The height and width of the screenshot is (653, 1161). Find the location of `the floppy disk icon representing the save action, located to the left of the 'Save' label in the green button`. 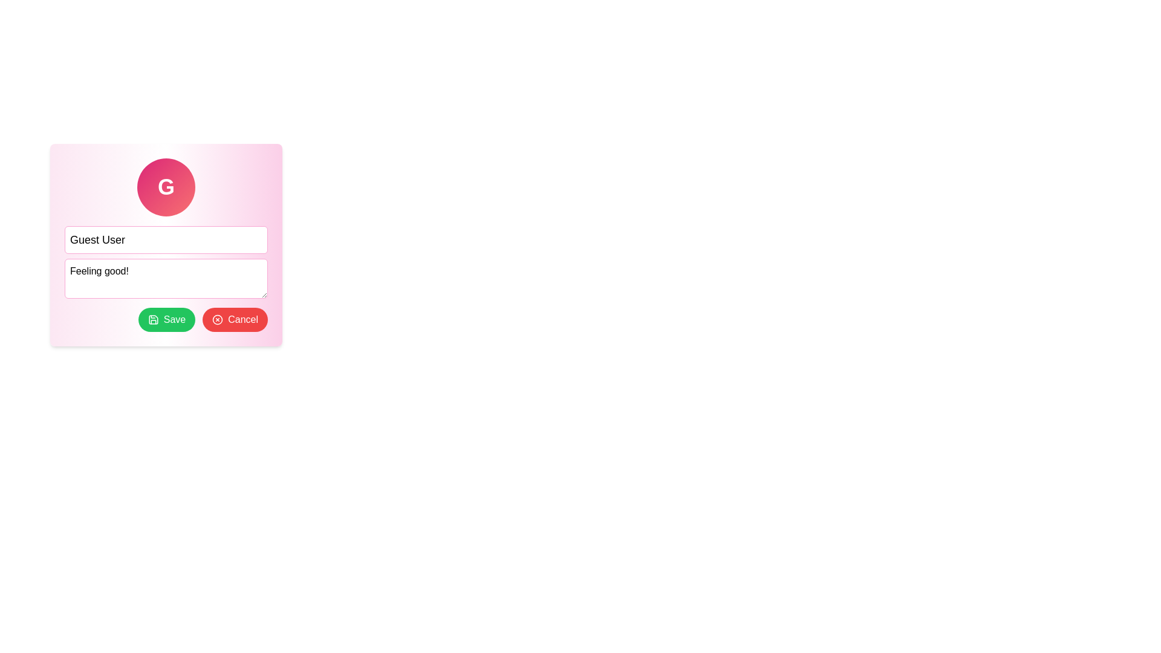

the floppy disk icon representing the save action, located to the left of the 'Save' label in the green button is located at coordinates (152, 319).